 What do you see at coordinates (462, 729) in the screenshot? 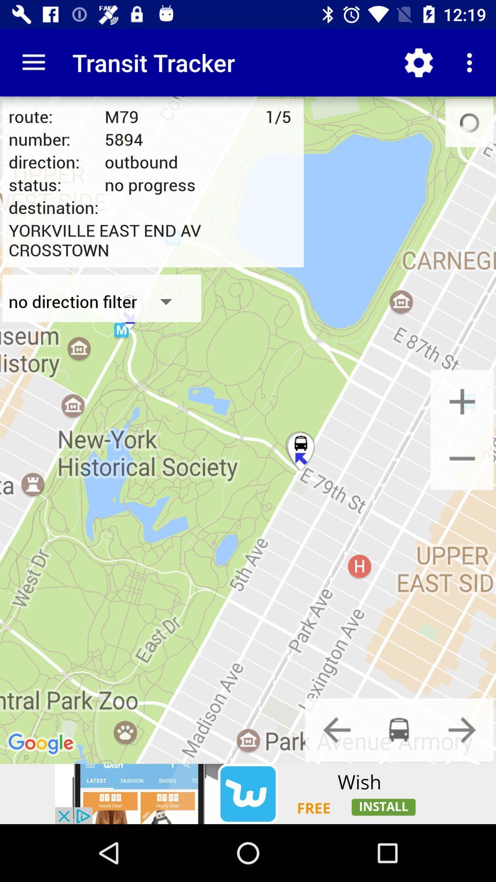
I see `the arrow mark which is showing to the right` at bounding box center [462, 729].